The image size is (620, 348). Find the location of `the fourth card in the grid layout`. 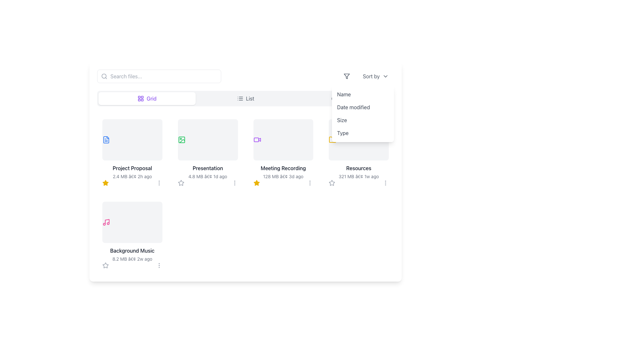

the fourth card in the grid layout is located at coordinates (358, 153).